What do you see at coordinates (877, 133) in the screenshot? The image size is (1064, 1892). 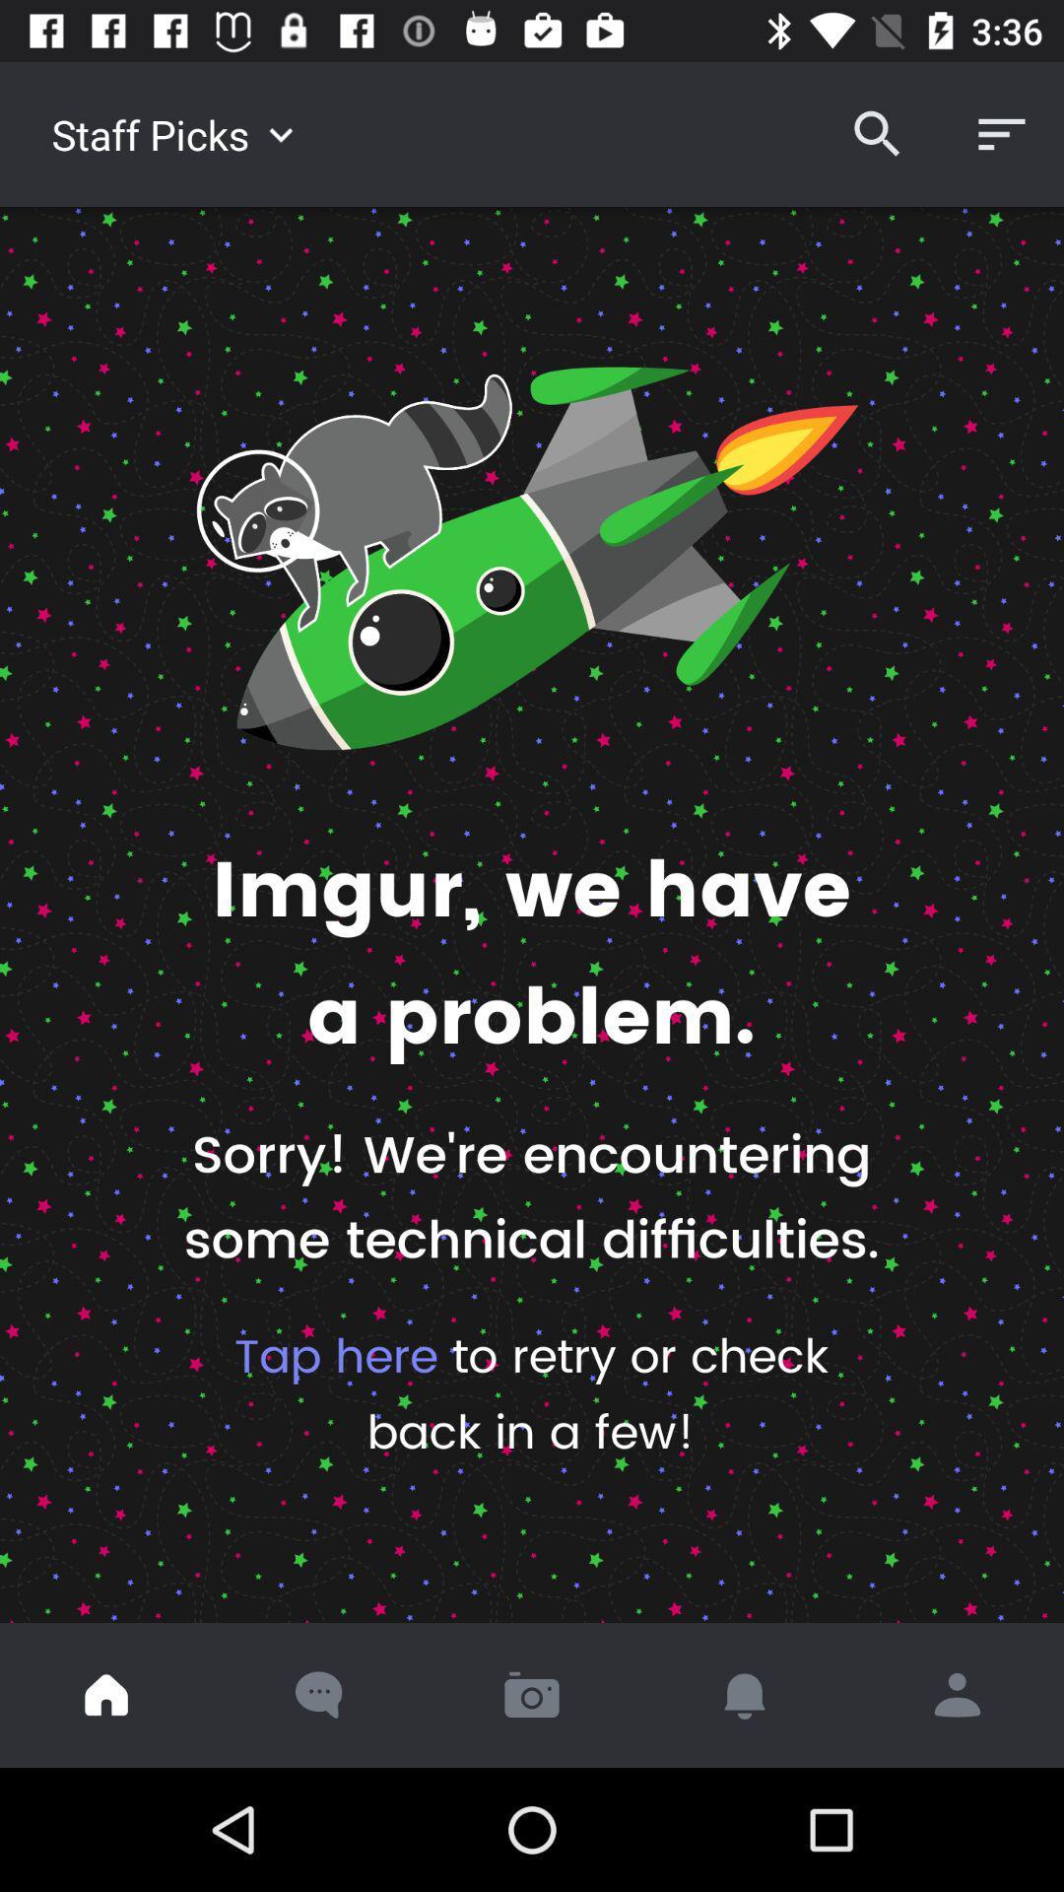 I see `item next to staff picks item` at bounding box center [877, 133].